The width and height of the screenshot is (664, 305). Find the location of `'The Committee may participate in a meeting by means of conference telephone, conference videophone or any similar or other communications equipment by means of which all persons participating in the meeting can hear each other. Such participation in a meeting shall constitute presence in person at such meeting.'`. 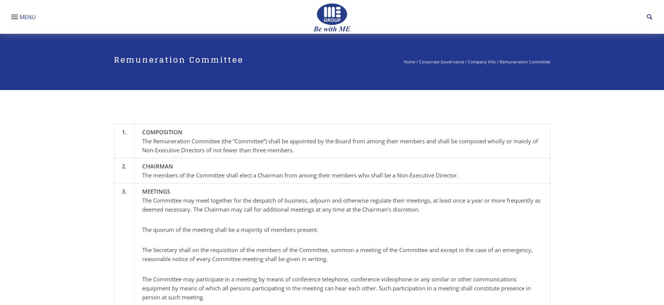

'The Committee may participate in a meeting by means of conference telephone, conference videophone or any similar or other communications equipment by means of which all persons participating in the meeting can hear each other. Such participation in a meeting shall constitute presence in person at such meeting.' is located at coordinates (336, 288).